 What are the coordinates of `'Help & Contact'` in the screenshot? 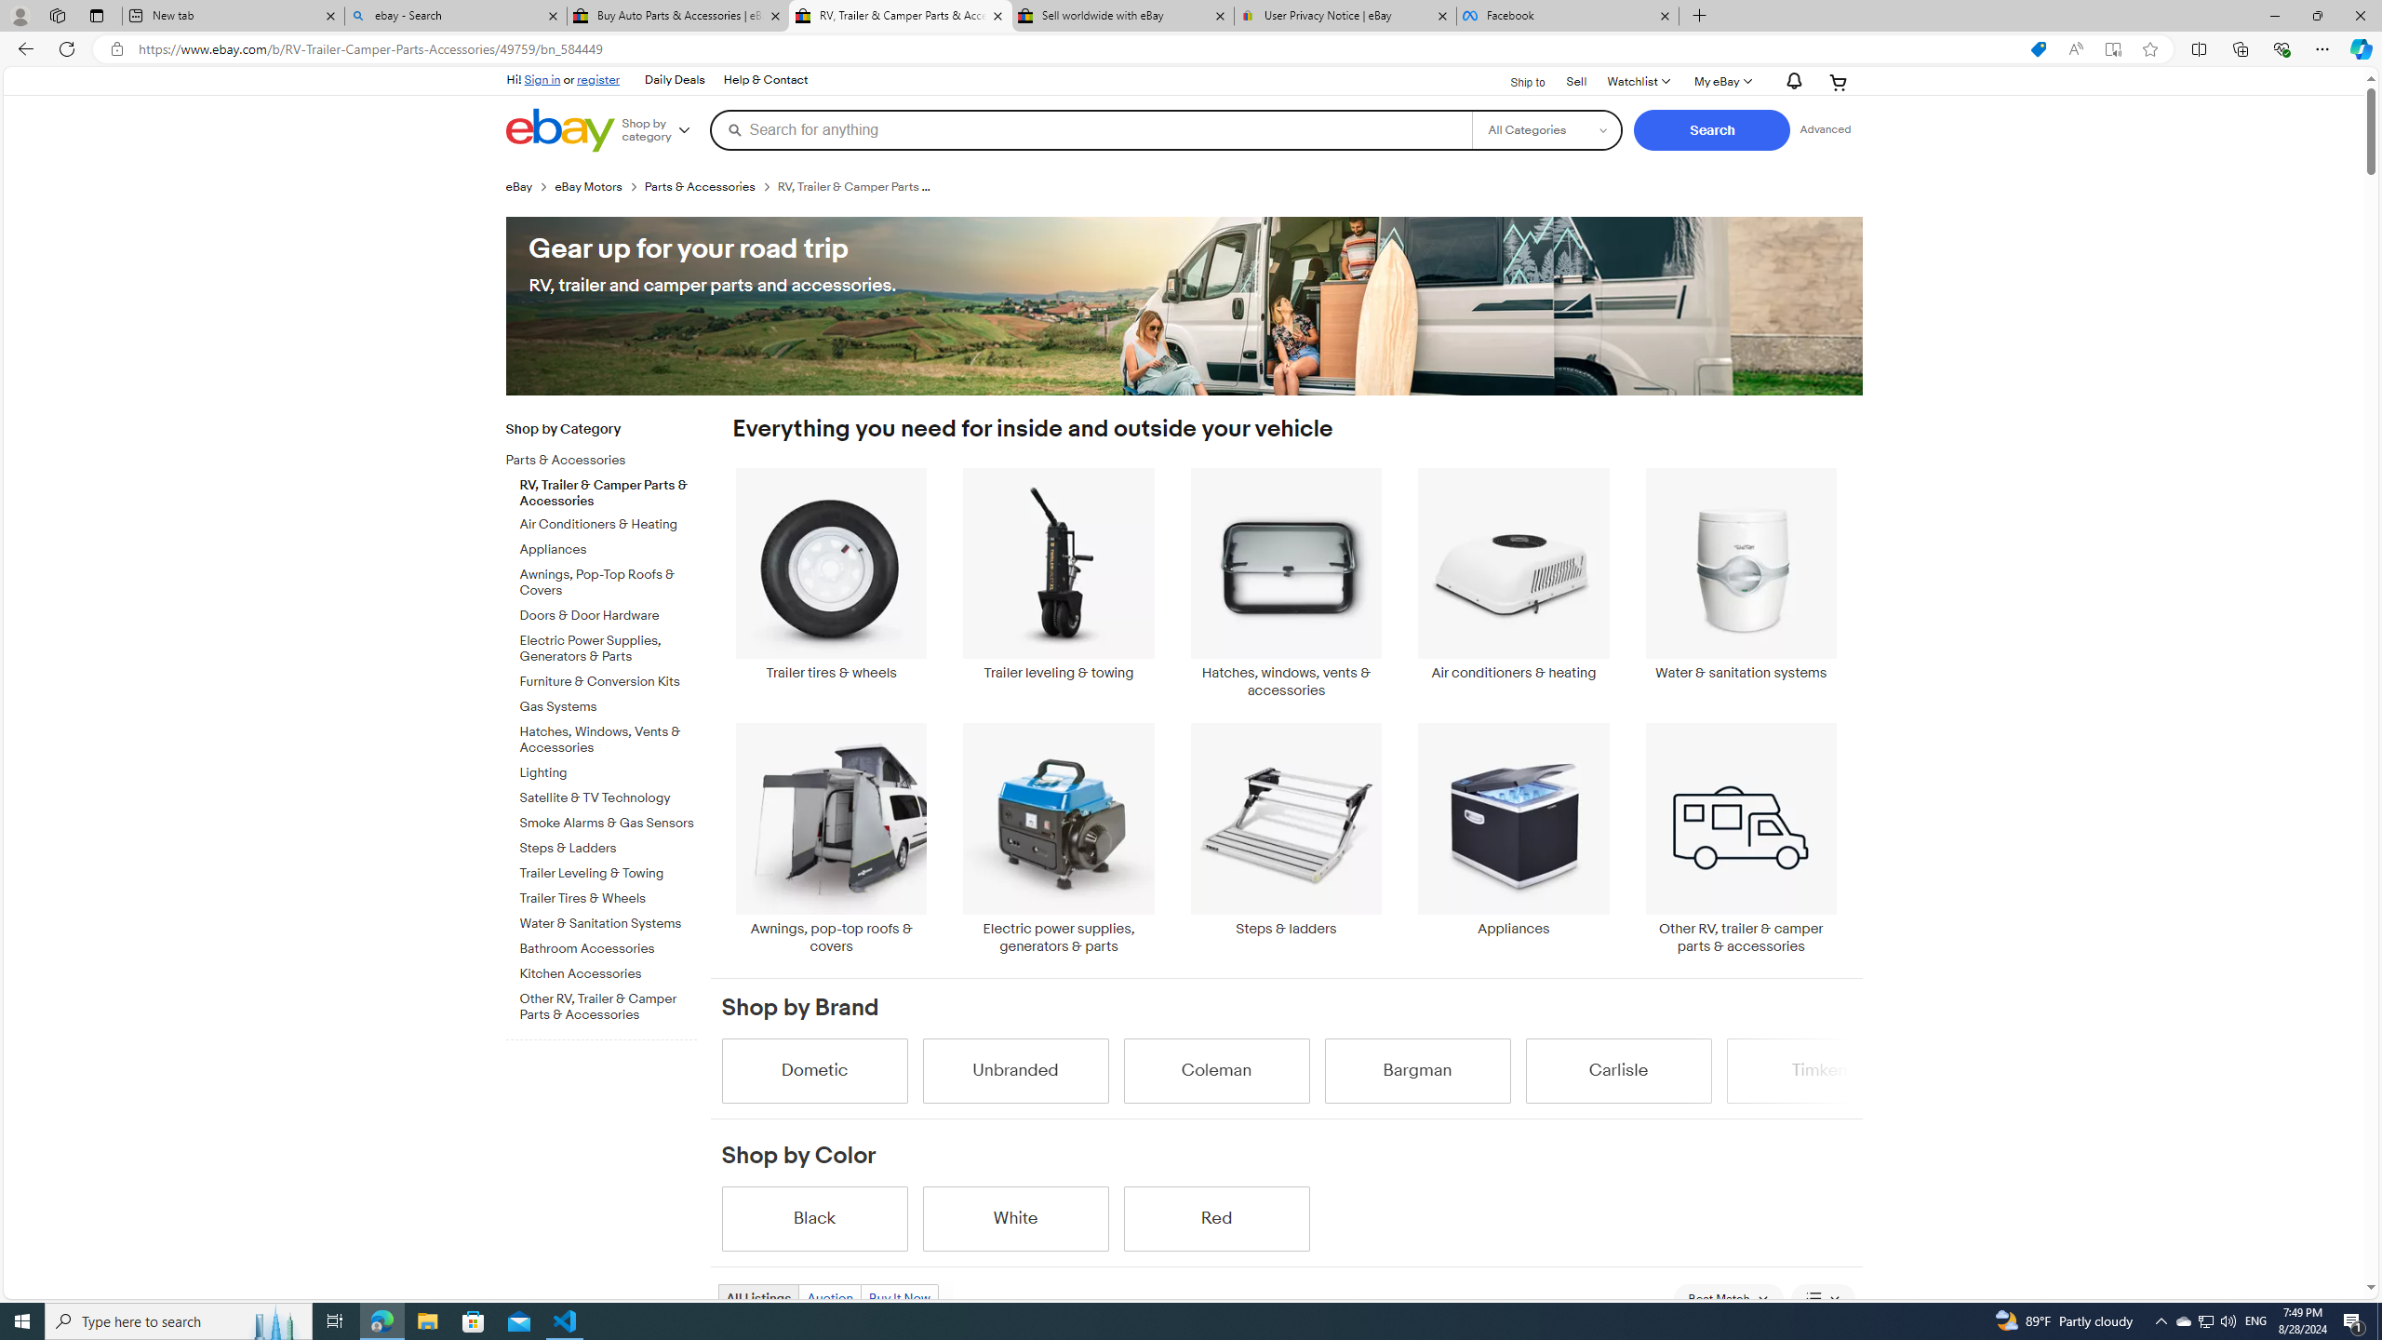 It's located at (763, 79).